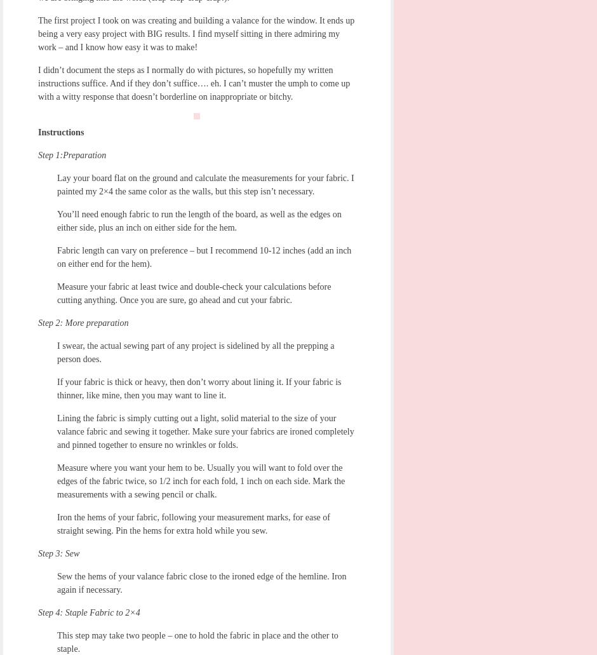 The image size is (597, 655). I want to click on 'Step 2: More preparation', so click(83, 322).